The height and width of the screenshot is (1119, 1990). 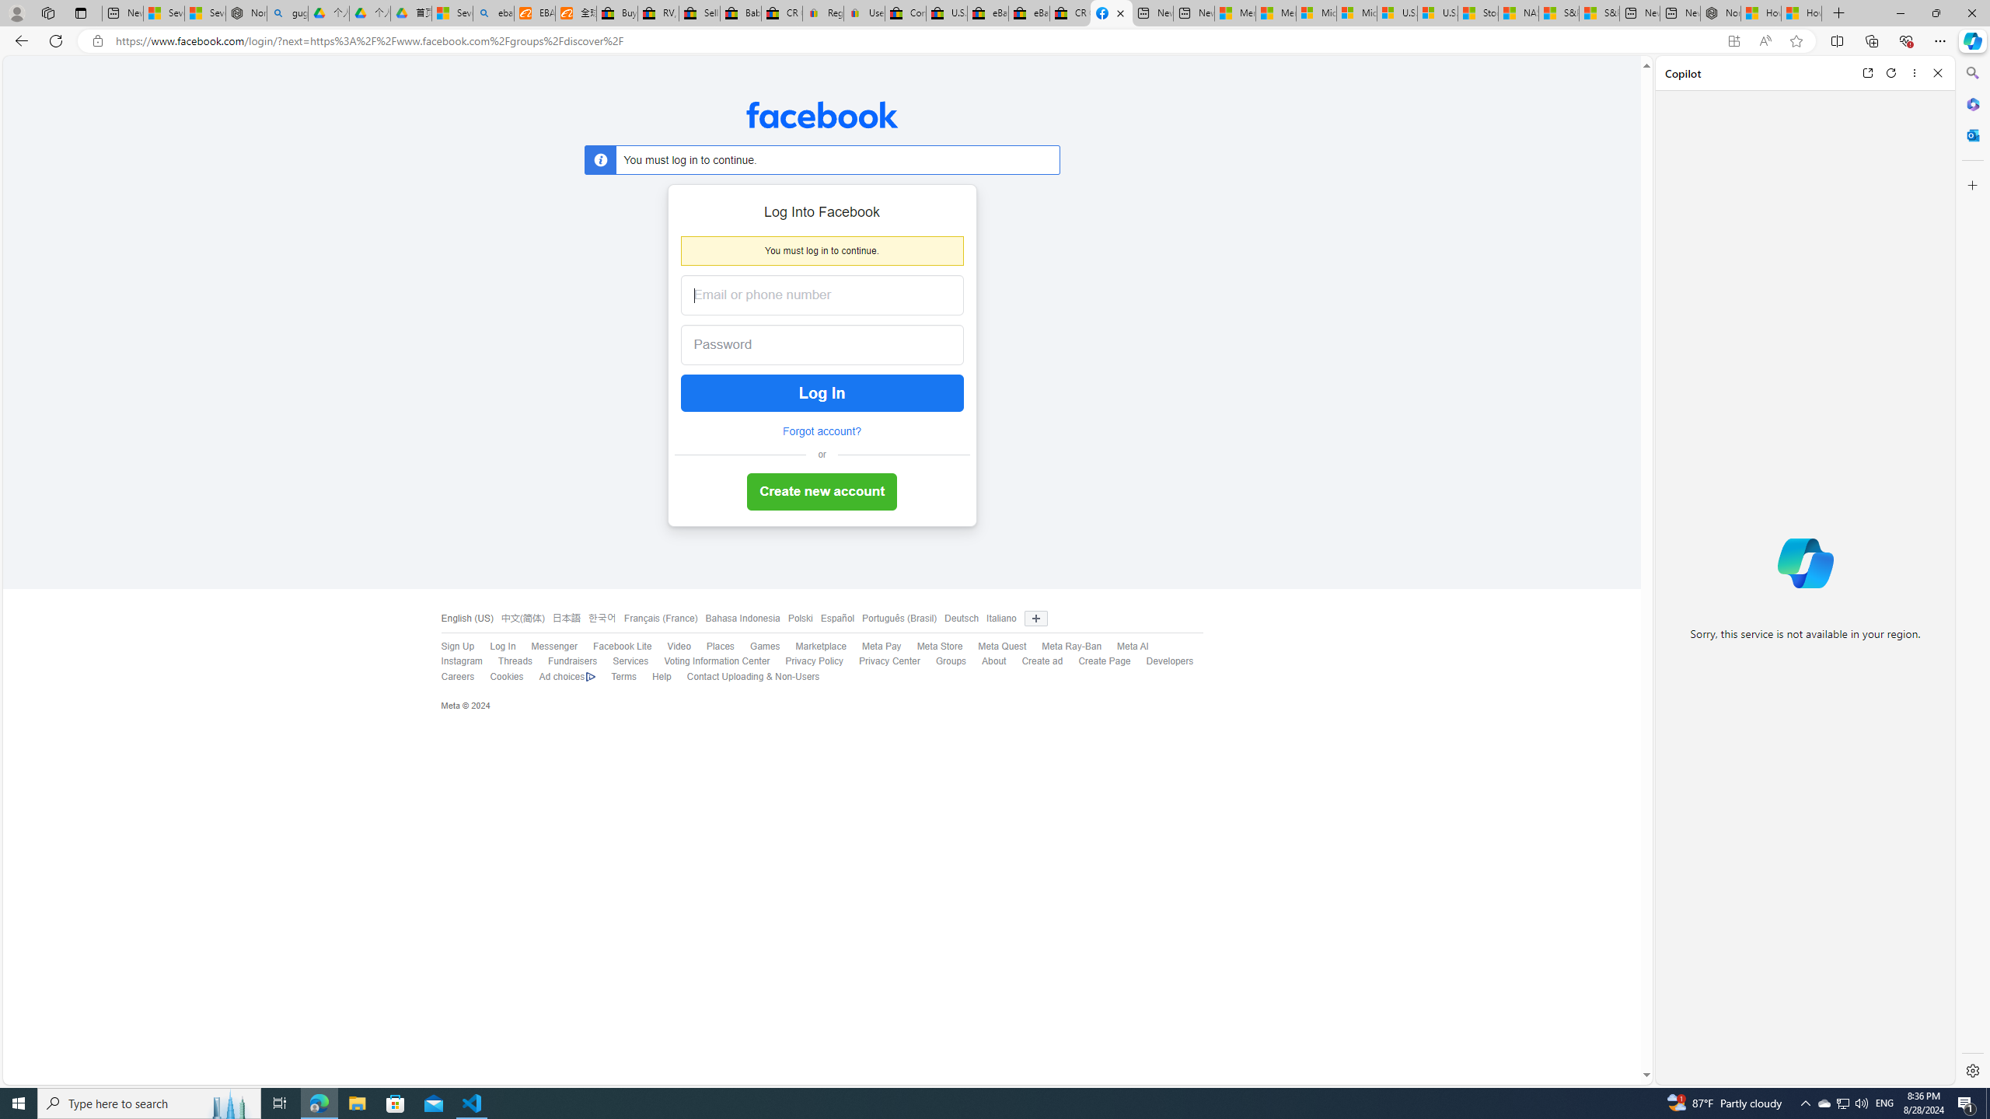 What do you see at coordinates (796, 619) in the screenshot?
I see `'Polski'` at bounding box center [796, 619].